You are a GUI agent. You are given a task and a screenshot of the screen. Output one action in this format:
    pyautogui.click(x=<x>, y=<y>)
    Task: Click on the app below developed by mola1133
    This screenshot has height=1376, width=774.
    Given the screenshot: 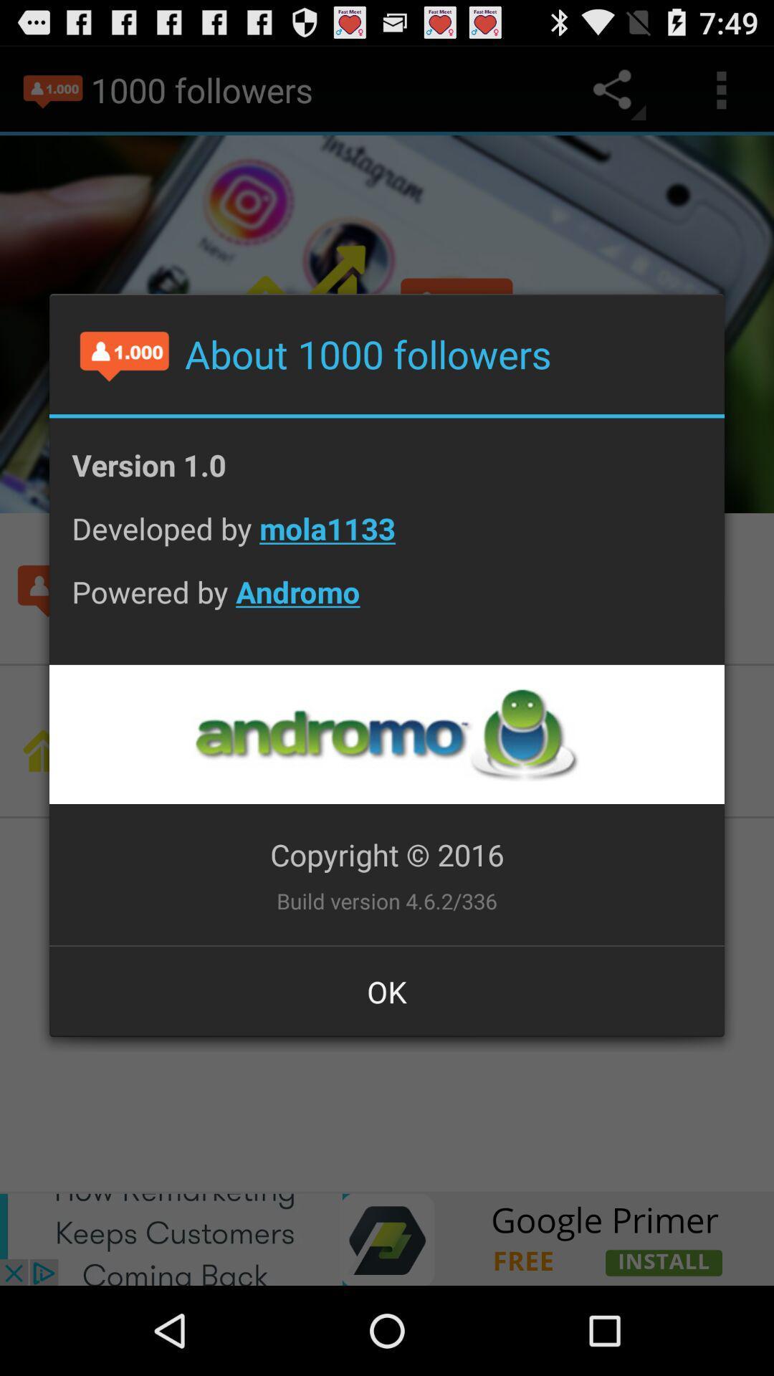 What is the action you would take?
    pyautogui.click(x=387, y=603)
    